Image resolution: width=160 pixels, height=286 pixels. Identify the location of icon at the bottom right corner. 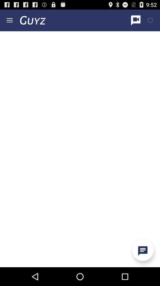
(143, 250).